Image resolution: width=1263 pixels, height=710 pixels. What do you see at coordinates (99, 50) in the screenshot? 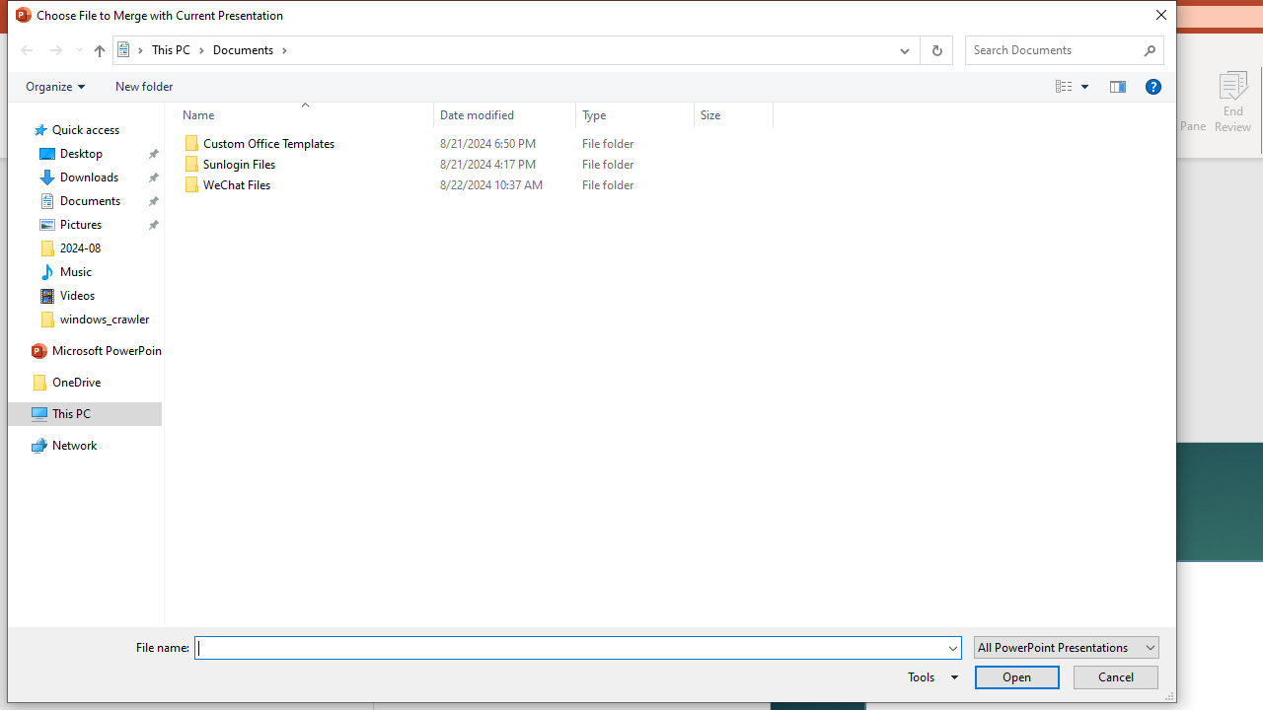
I see `'Up to "This PC" (Alt + Up Arrow)'` at bounding box center [99, 50].